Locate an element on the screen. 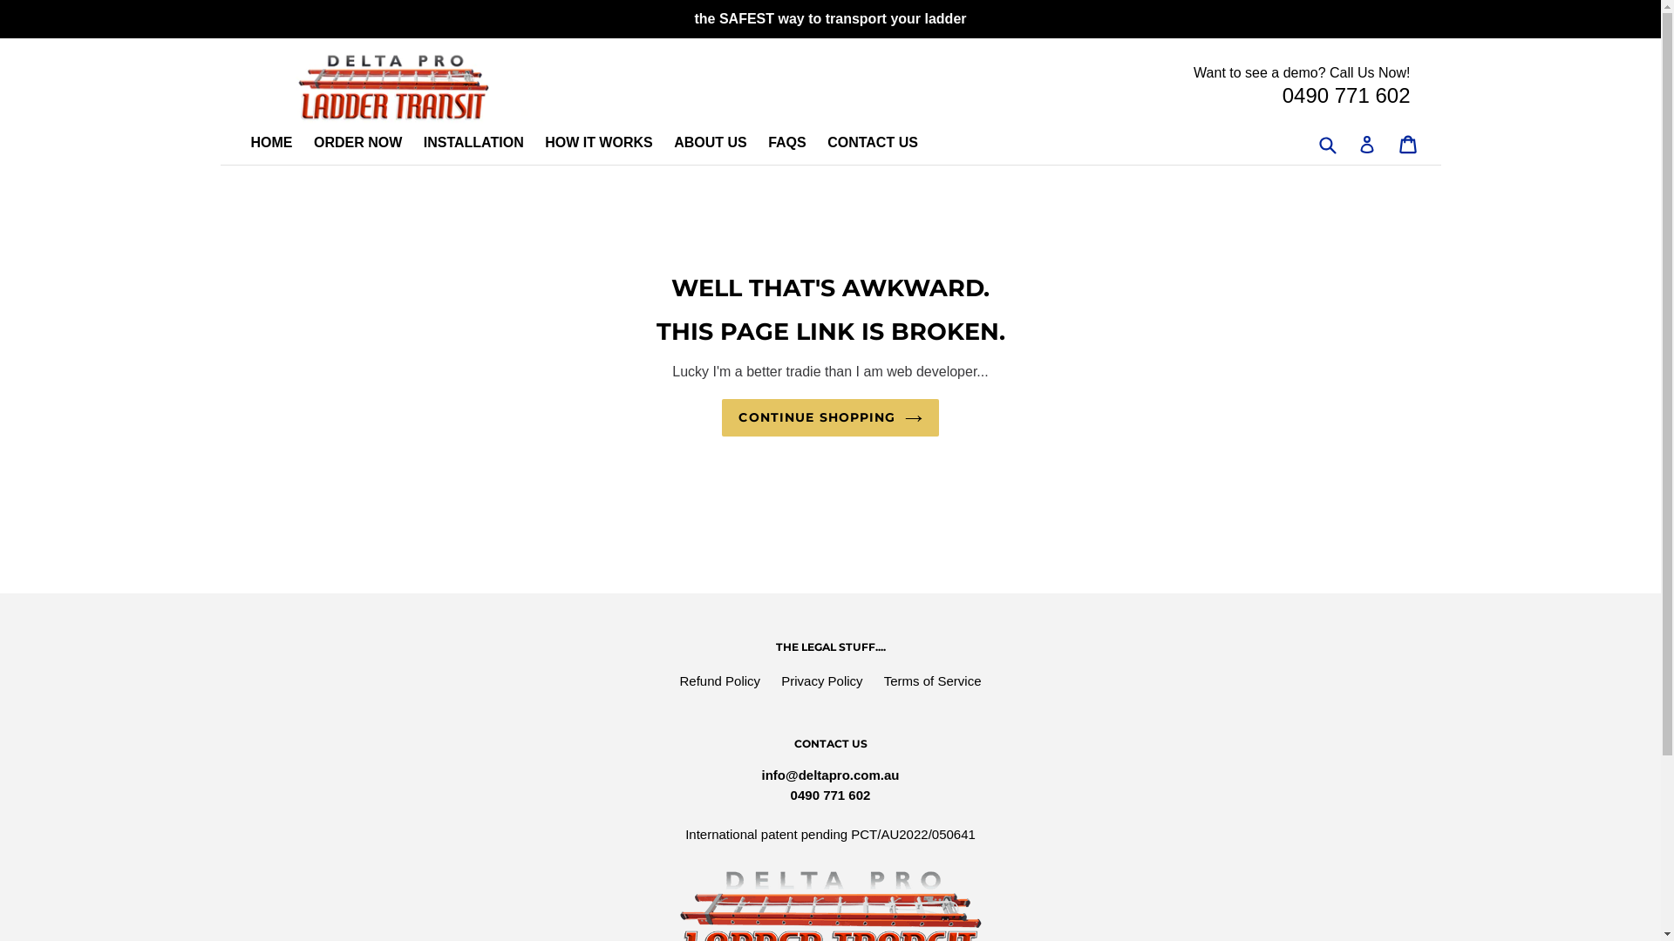 Image resolution: width=1674 pixels, height=941 pixels. 'FAQS' is located at coordinates (794, 143).